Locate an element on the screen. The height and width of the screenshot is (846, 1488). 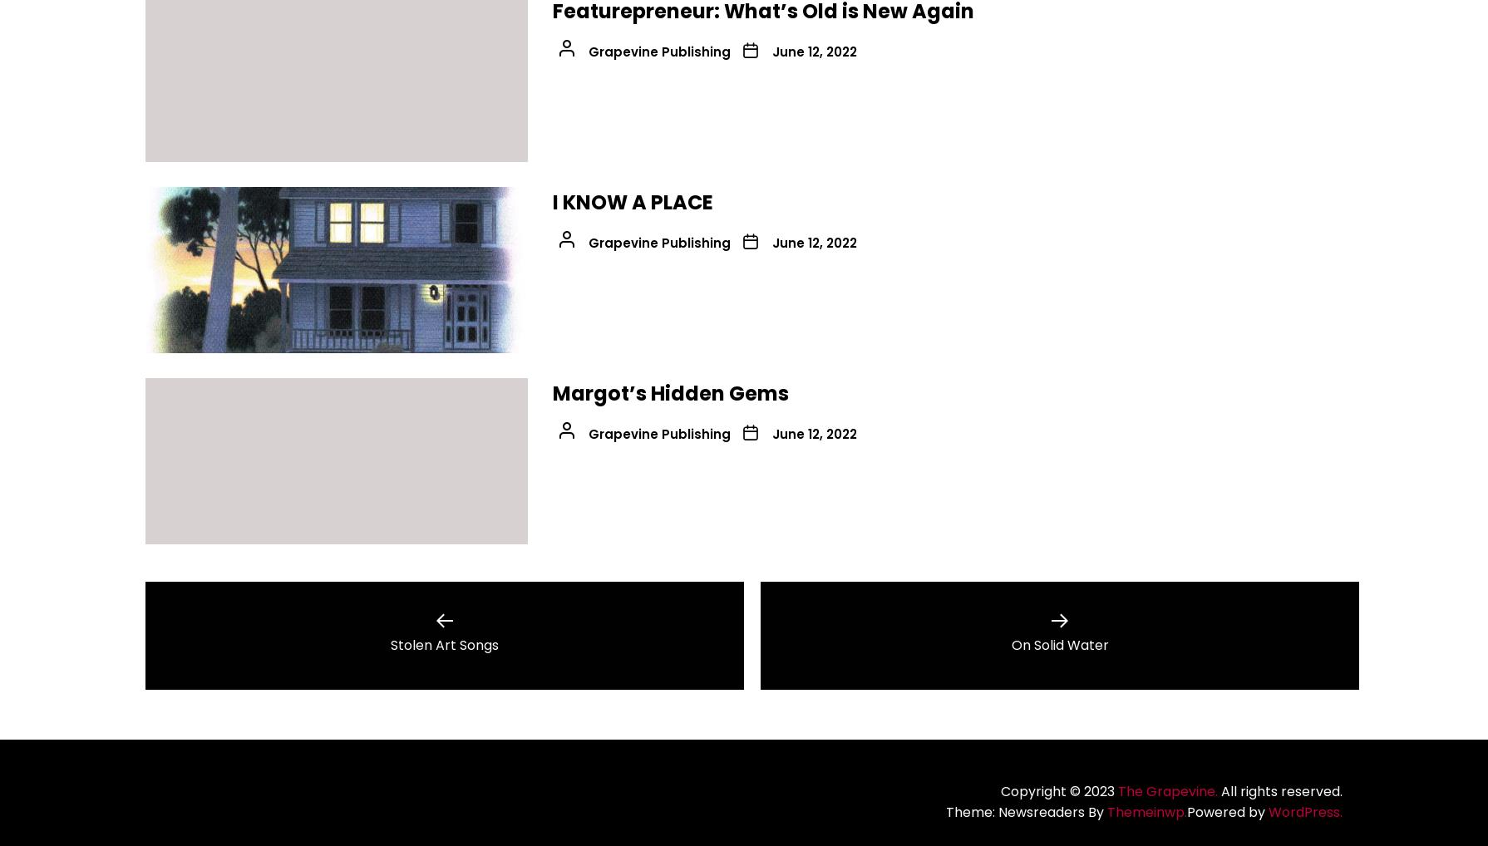
'WordPress.' is located at coordinates (1303, 812).